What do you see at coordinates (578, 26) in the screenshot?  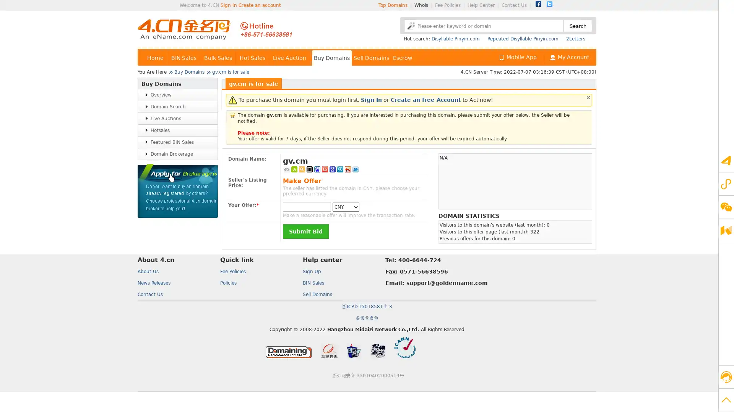 I see `Search` at bounding box center [578, 26].